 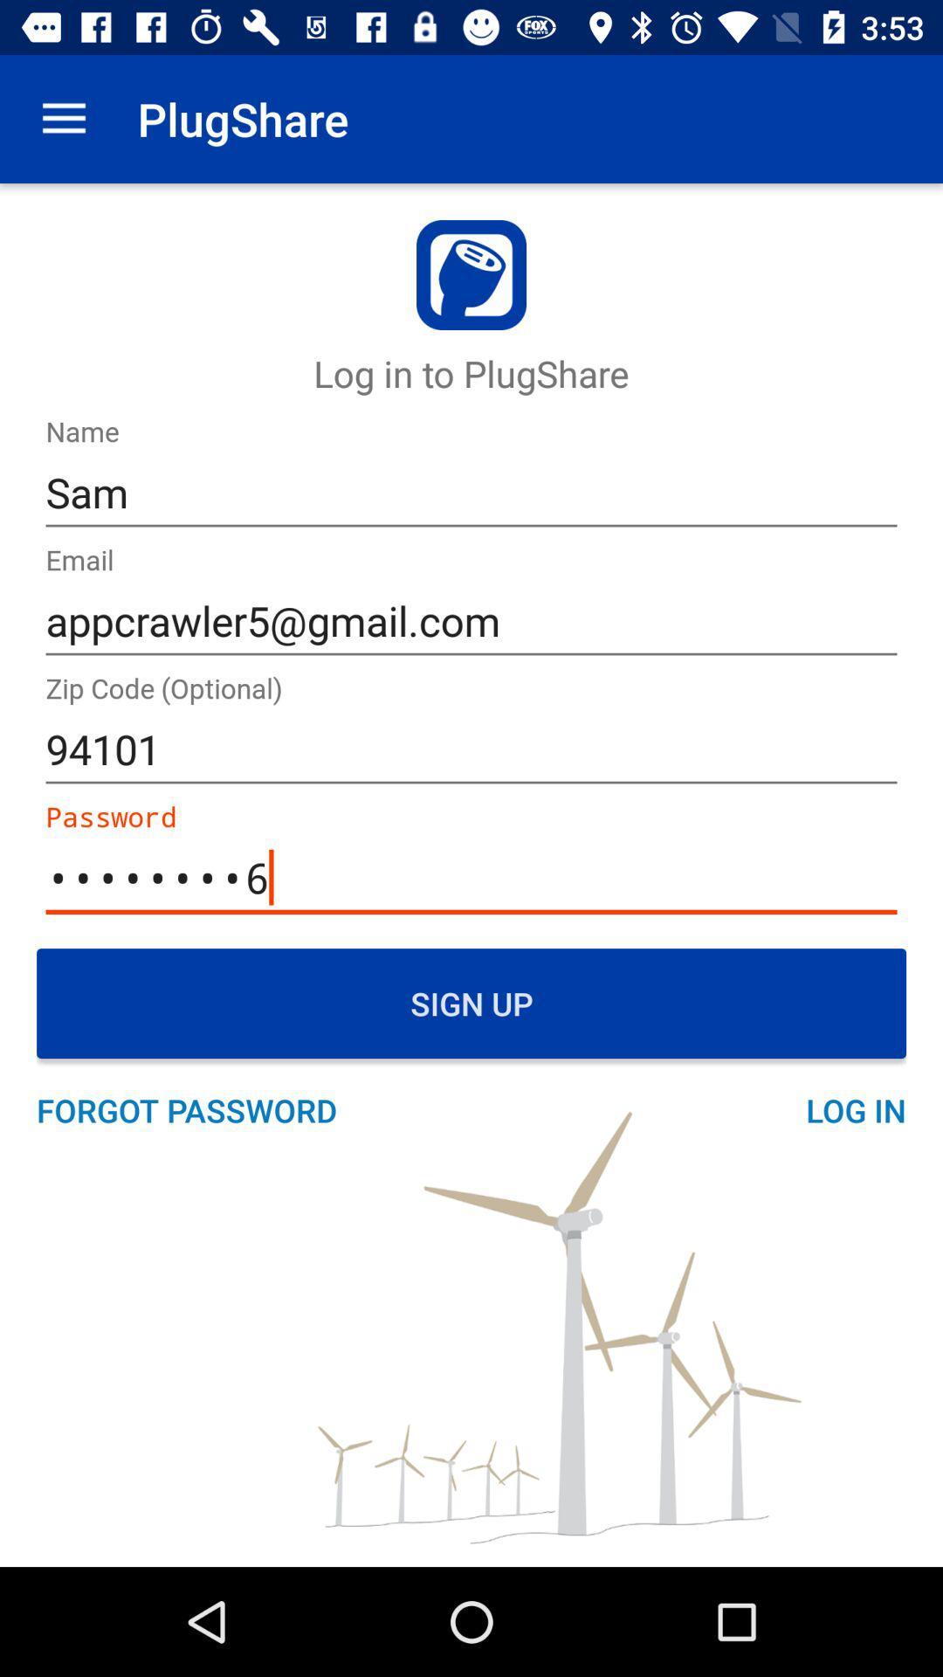 What do you see at coordinates (471, 621) in the screenshot?
I see `item below sam icon` at bounding box center [471, 621].